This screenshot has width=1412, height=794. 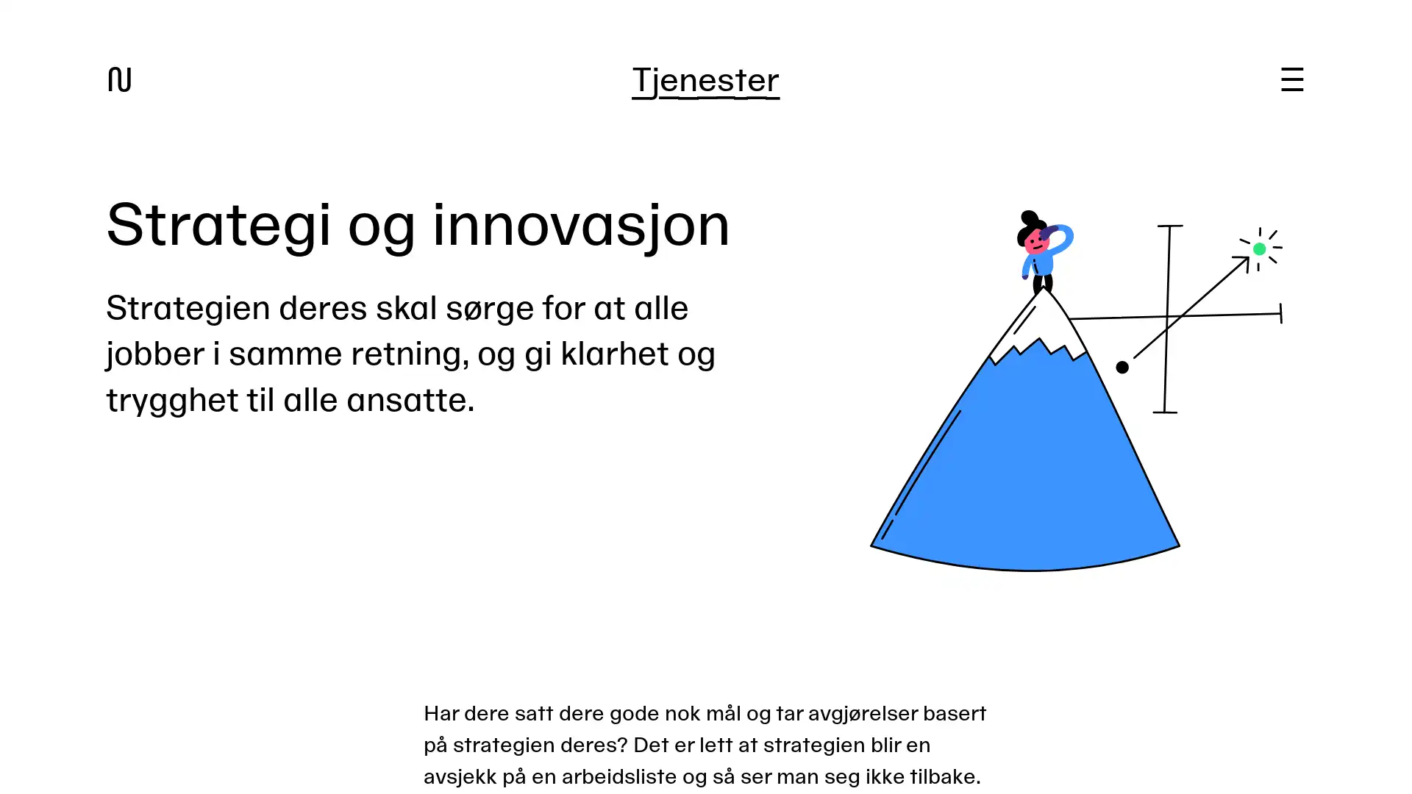 What do you see at coordinates (1291, 79) in the screenshot?
I see `Meny` at bounding box center [1291, 79].